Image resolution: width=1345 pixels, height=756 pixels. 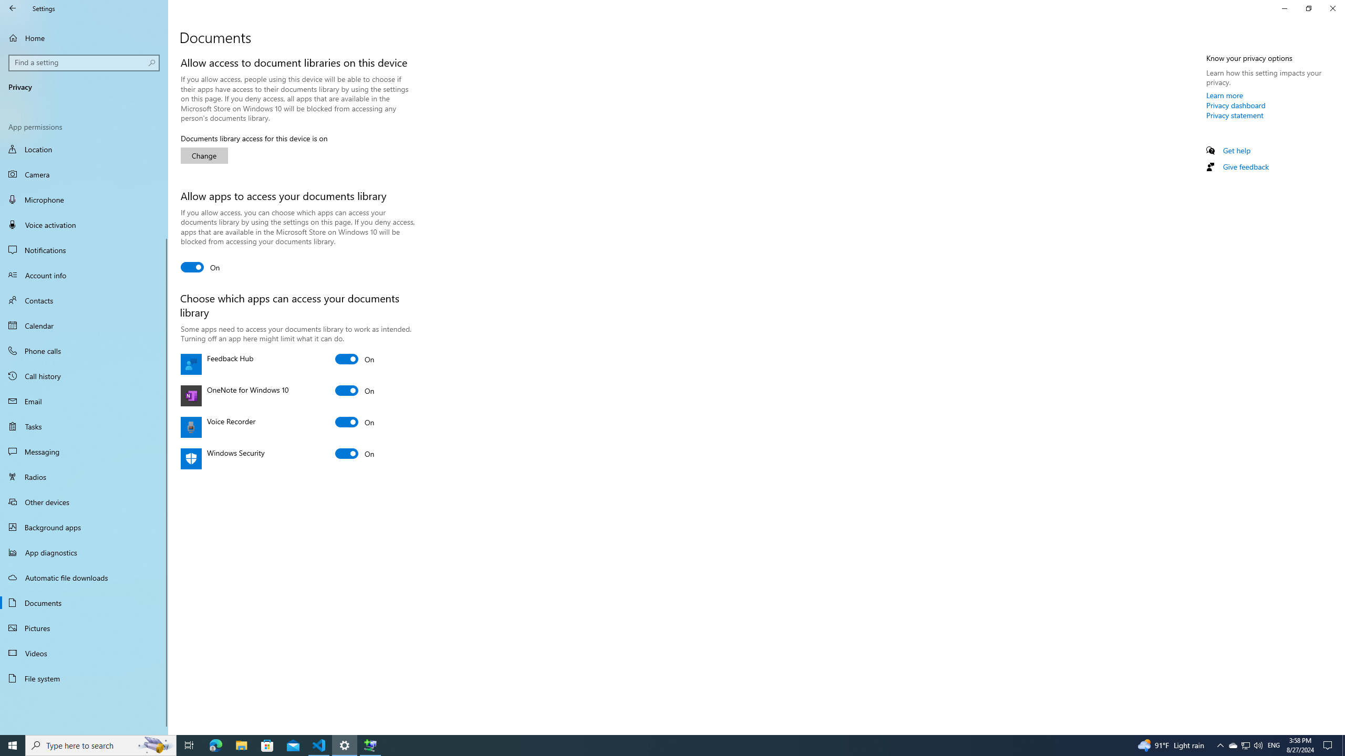 I want to click on 'App diagnostics', so click(x=84, y=551).